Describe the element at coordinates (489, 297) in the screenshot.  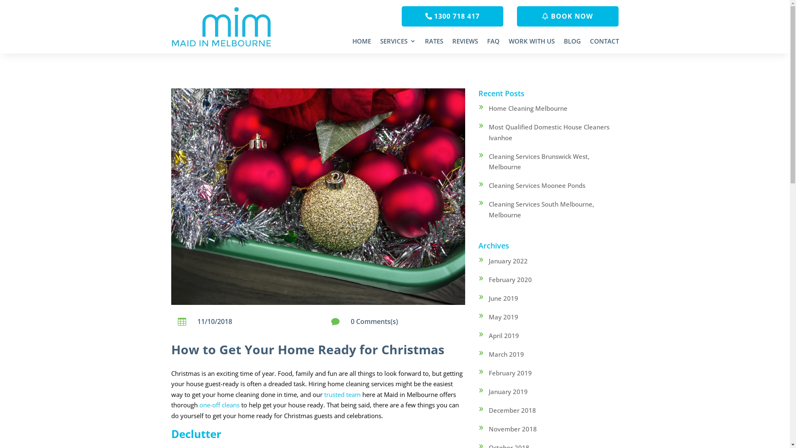
I see `'June 2019'` at that location.